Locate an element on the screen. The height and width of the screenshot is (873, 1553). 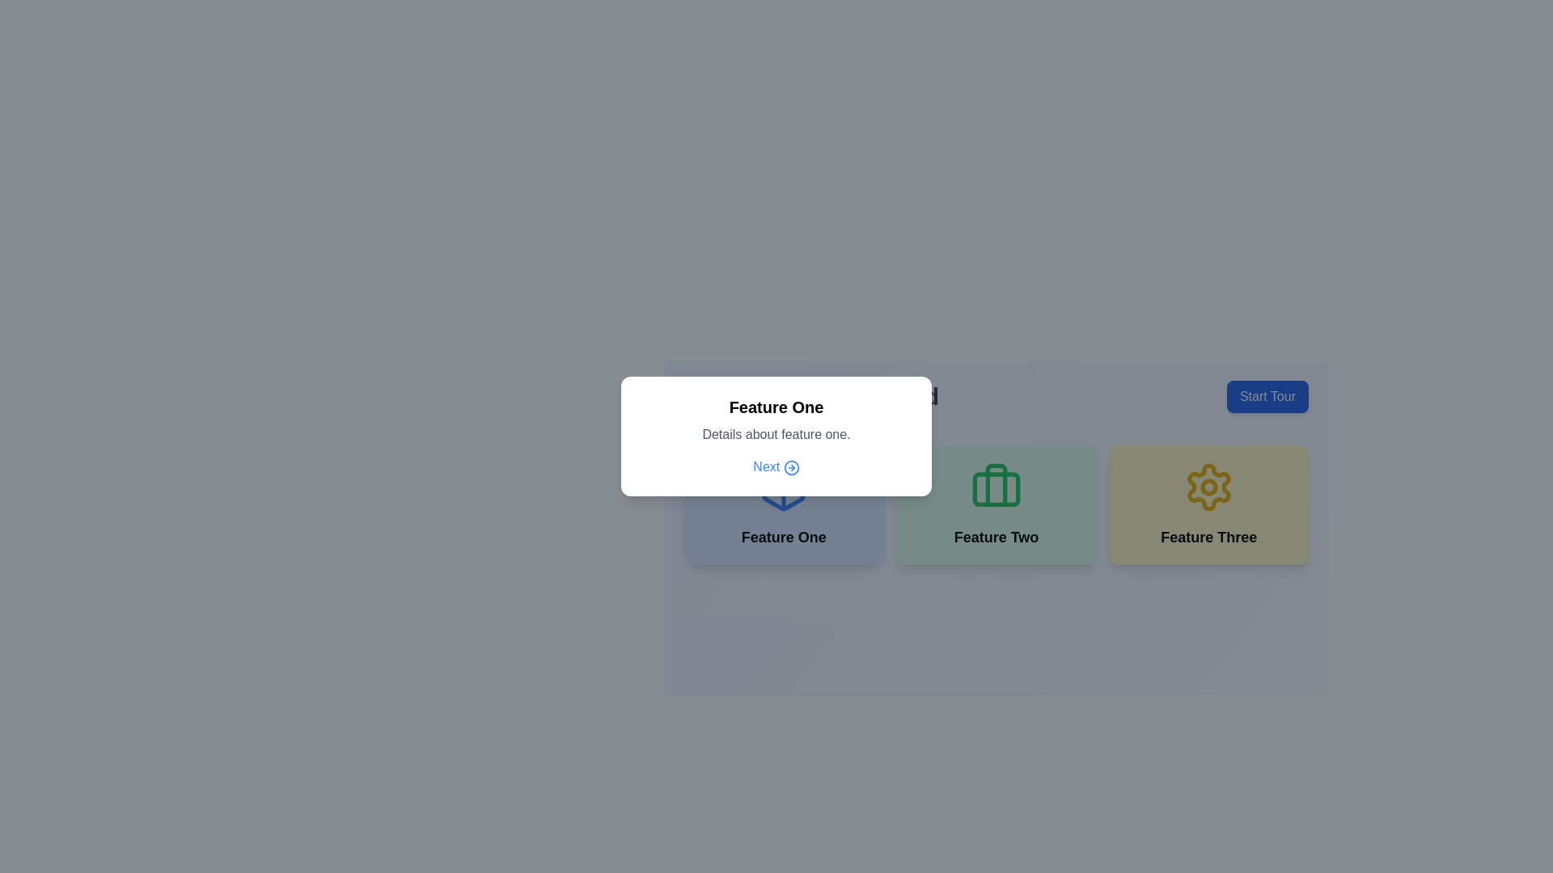
the Decorative element within the SVG briefcase icon, which is centrally located in the green card labeled 'Feature Two' is located at coordinates (996, 488).